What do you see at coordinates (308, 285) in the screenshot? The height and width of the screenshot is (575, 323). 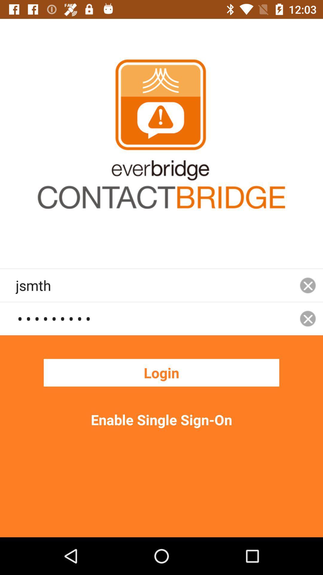 I see `icon next to the jsmth item` at bounding box center [308, 285].